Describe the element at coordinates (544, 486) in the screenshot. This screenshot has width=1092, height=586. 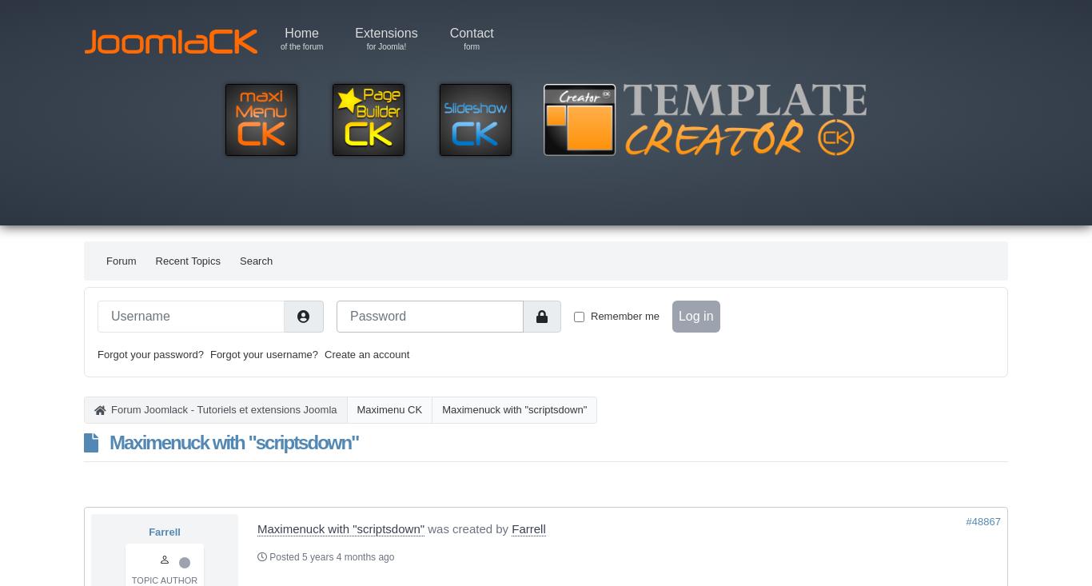
I see `'Time to create page: 0.681 seconds'` at that location.